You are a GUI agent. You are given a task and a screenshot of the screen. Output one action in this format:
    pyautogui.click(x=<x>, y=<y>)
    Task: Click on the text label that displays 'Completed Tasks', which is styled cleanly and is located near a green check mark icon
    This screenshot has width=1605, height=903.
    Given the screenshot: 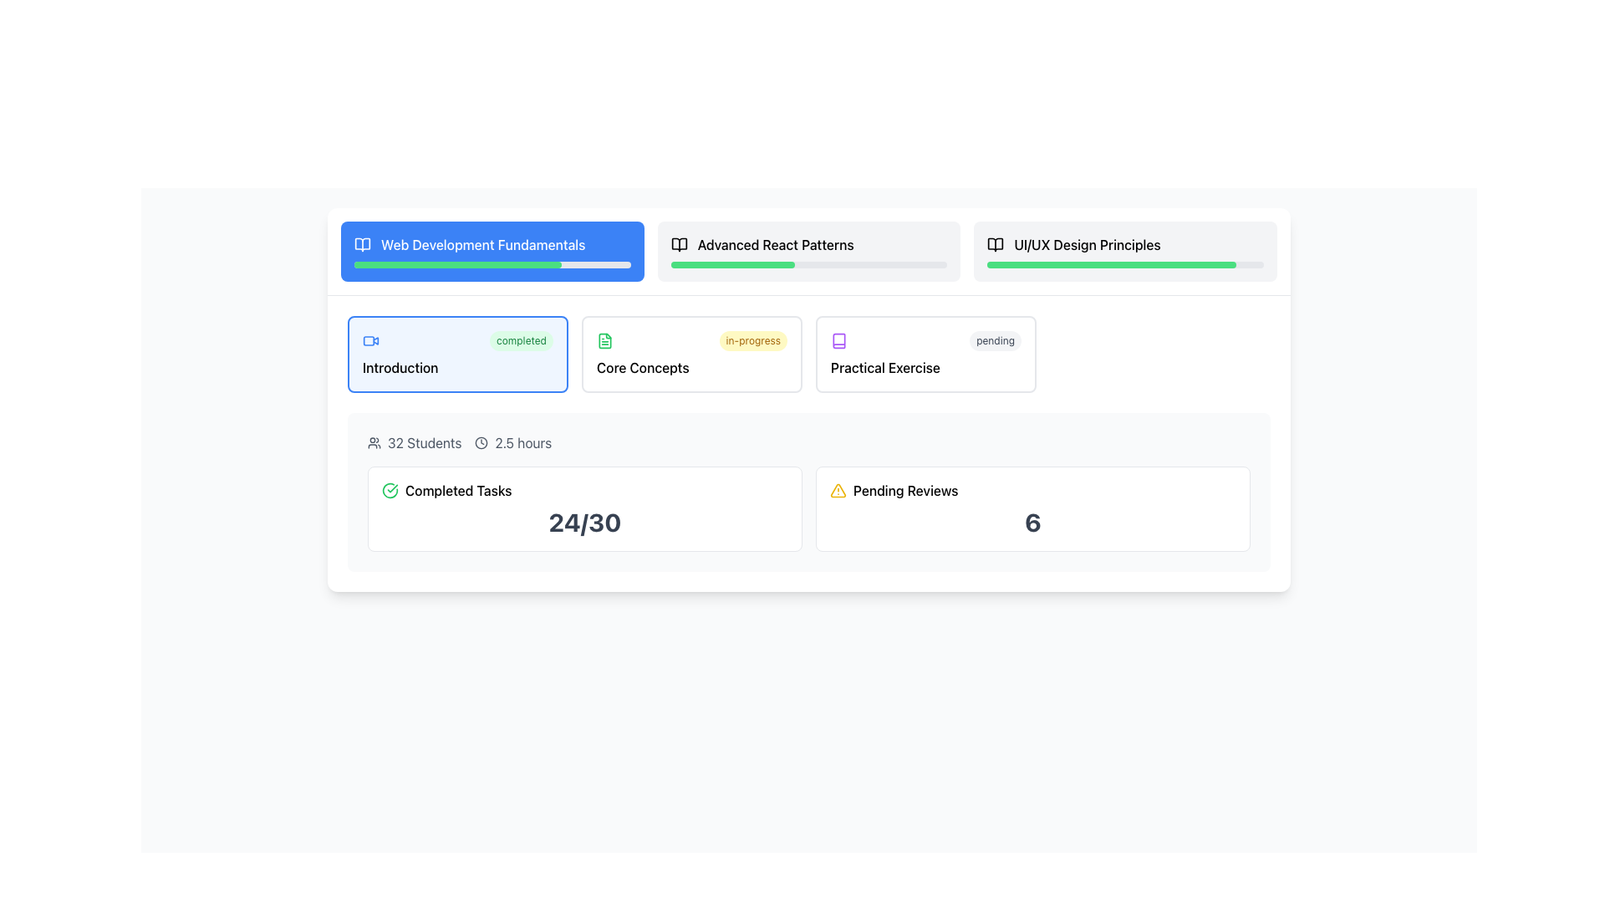 What is the action you would take?
    pyautogui.click(x=458, y=489)
    